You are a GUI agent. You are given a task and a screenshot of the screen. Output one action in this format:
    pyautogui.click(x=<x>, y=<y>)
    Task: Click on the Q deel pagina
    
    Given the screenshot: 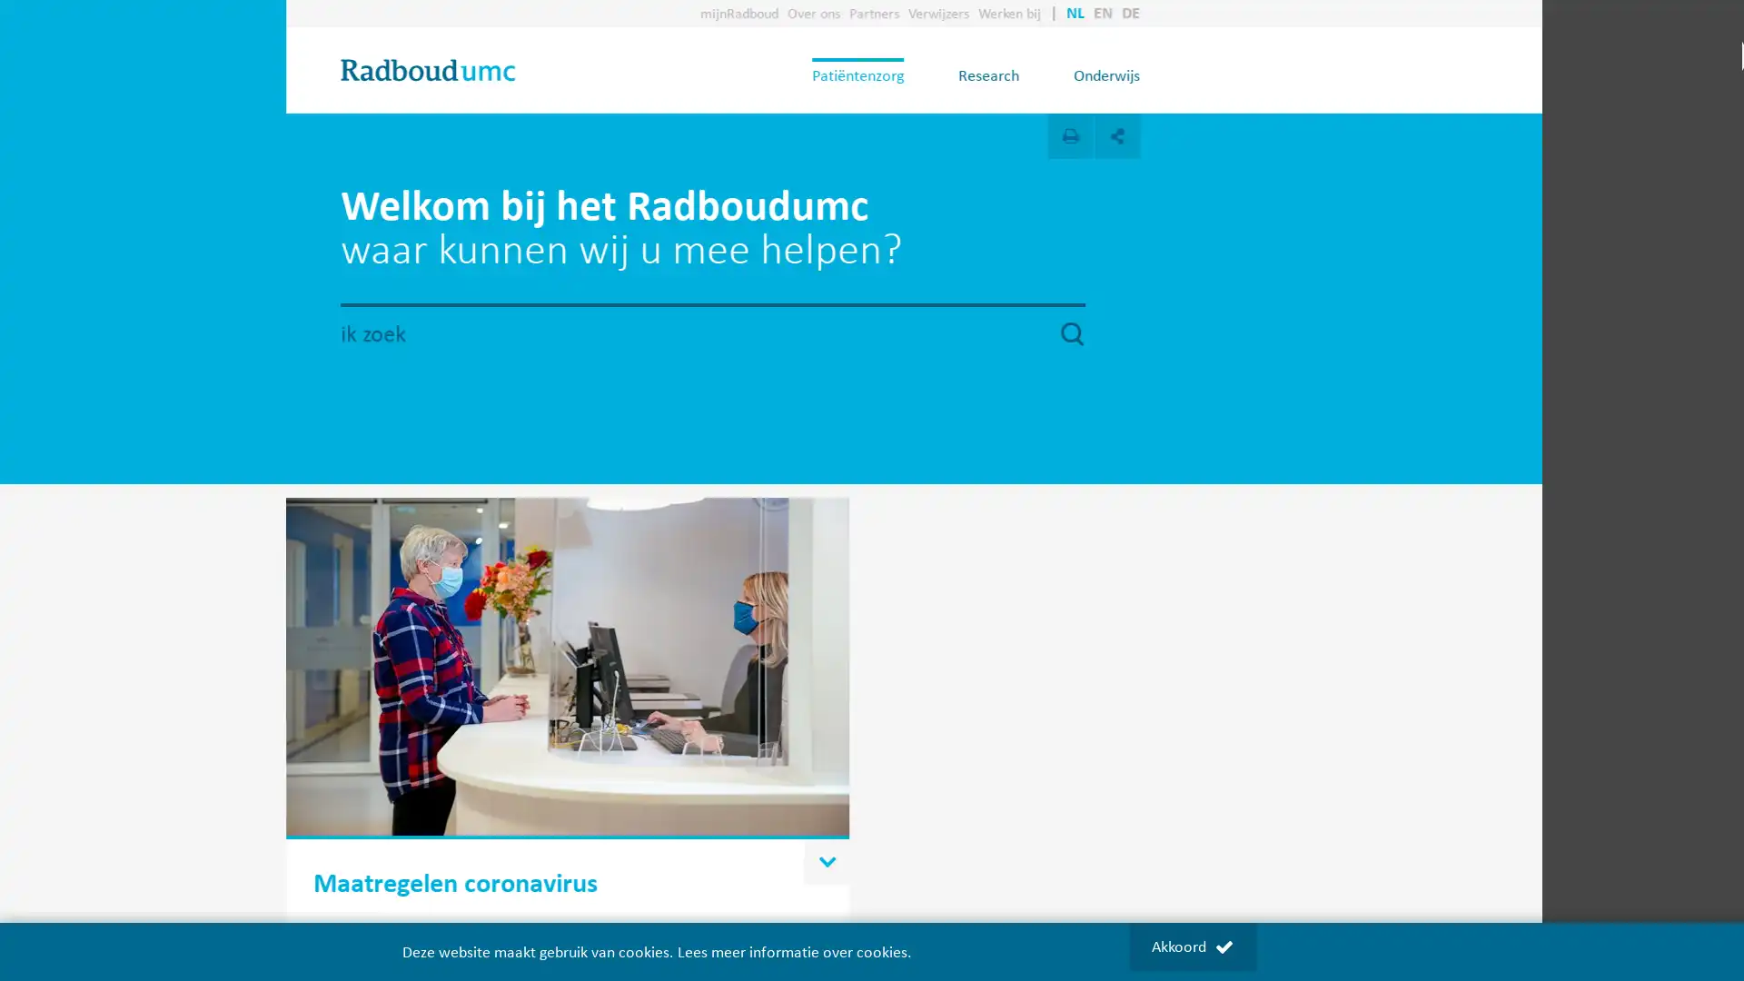 What is the action you would take?
    pyautogui.click(x=1234, y=135)
    